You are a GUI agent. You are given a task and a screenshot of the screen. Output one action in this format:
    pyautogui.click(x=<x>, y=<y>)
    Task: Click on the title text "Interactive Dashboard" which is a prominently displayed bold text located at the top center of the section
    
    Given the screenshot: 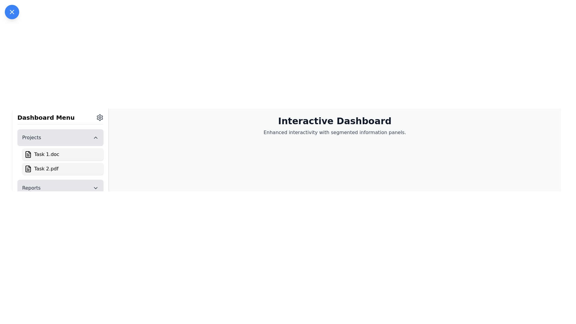 What is the action you would take?
    pyautogui.click(x=334, y=121)
    